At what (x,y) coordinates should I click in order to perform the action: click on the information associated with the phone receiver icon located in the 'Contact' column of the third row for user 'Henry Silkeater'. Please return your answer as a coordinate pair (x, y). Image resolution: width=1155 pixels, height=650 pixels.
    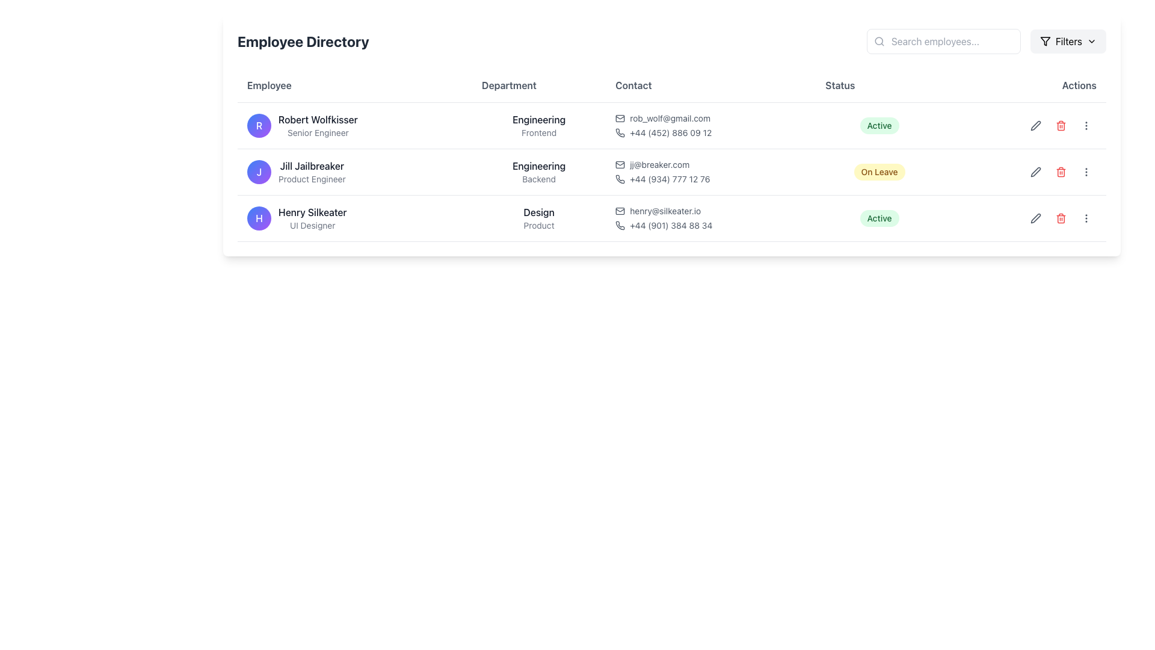
    Looking at the image, I should click on (620, 225).